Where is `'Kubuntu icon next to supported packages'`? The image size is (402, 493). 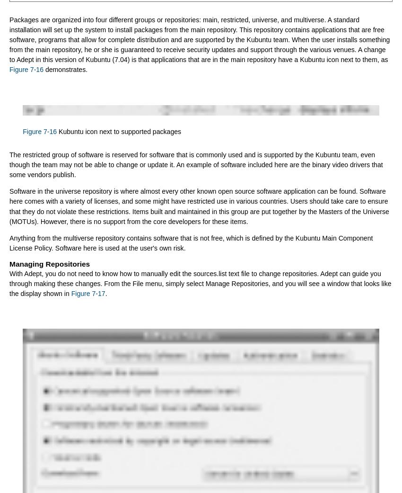 'Kubuntu icon next to supported packages' is located at coordinates (56, 131).